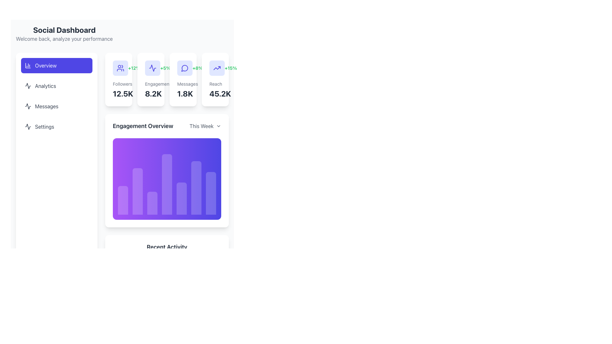  I want to click on the fourth vertical bar of the bar chart, which has a rounded top and a white gradient, located at the center of the chart, so click(167, 184).